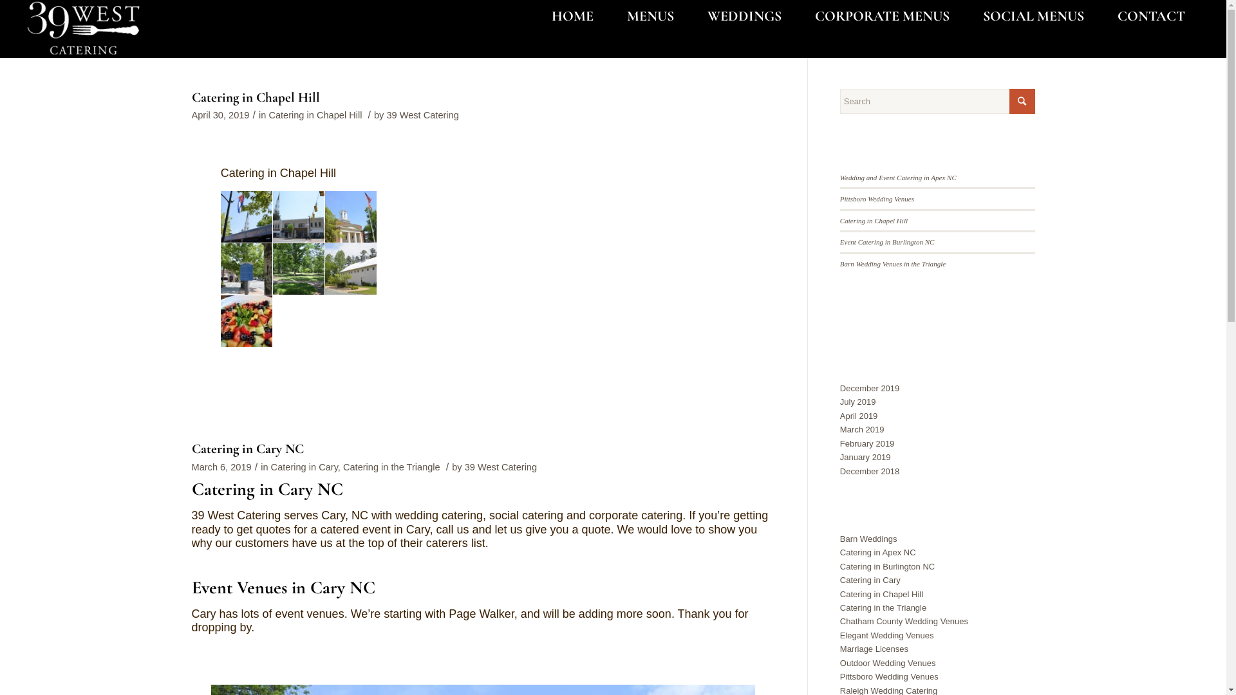 This screenshot has width=1236, height=695. I want to click on 'Wedding and Event Catering in Apex NC', so click(897, 178).